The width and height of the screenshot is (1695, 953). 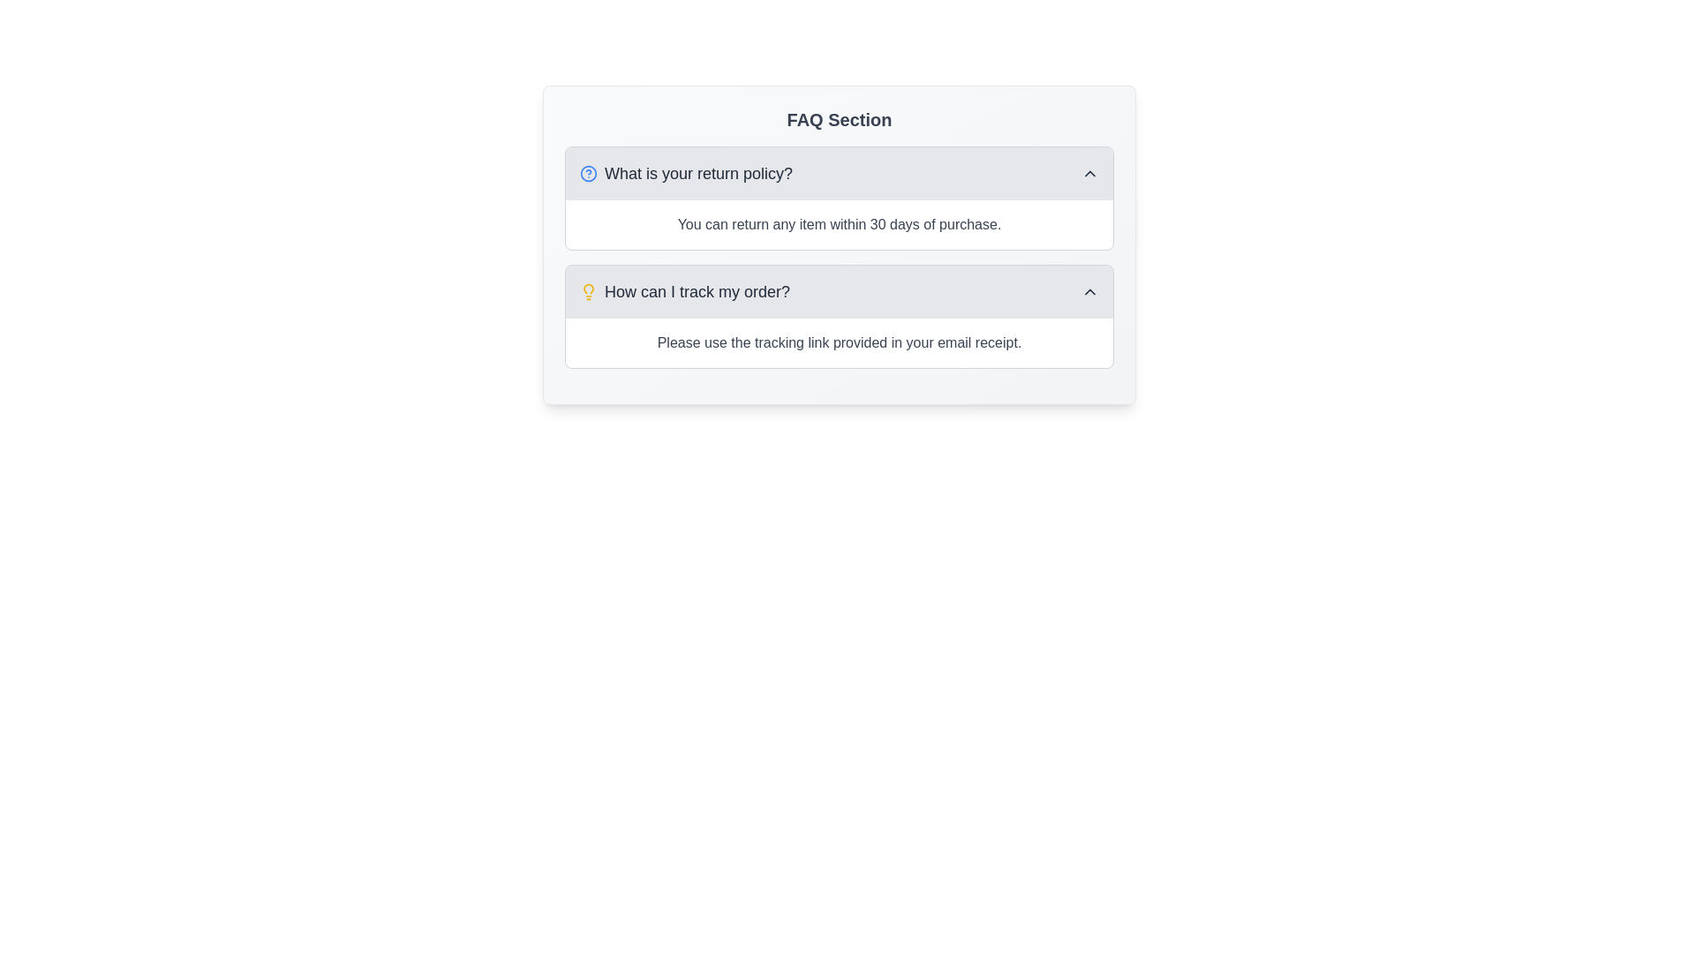 What do you see at coordinates (838, 223) in the screenshot?
I see `the Static Text Block located below the question 'What is your return policy?' in the FAQ section` at bounding box center [838, 223].